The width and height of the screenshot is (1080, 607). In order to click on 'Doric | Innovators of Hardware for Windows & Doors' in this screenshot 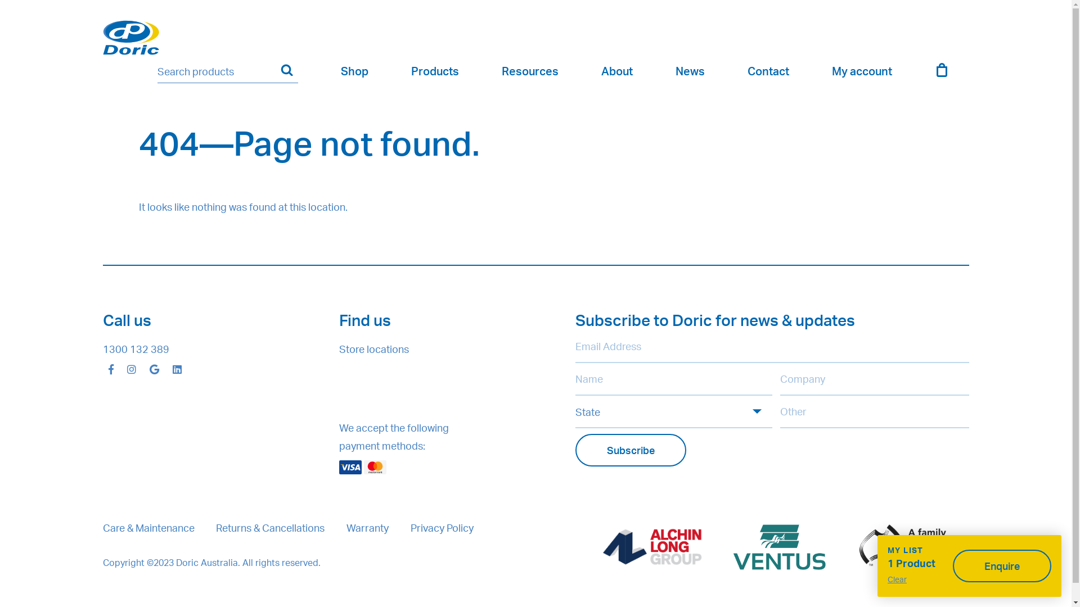, I will do `click(130, 37)`.